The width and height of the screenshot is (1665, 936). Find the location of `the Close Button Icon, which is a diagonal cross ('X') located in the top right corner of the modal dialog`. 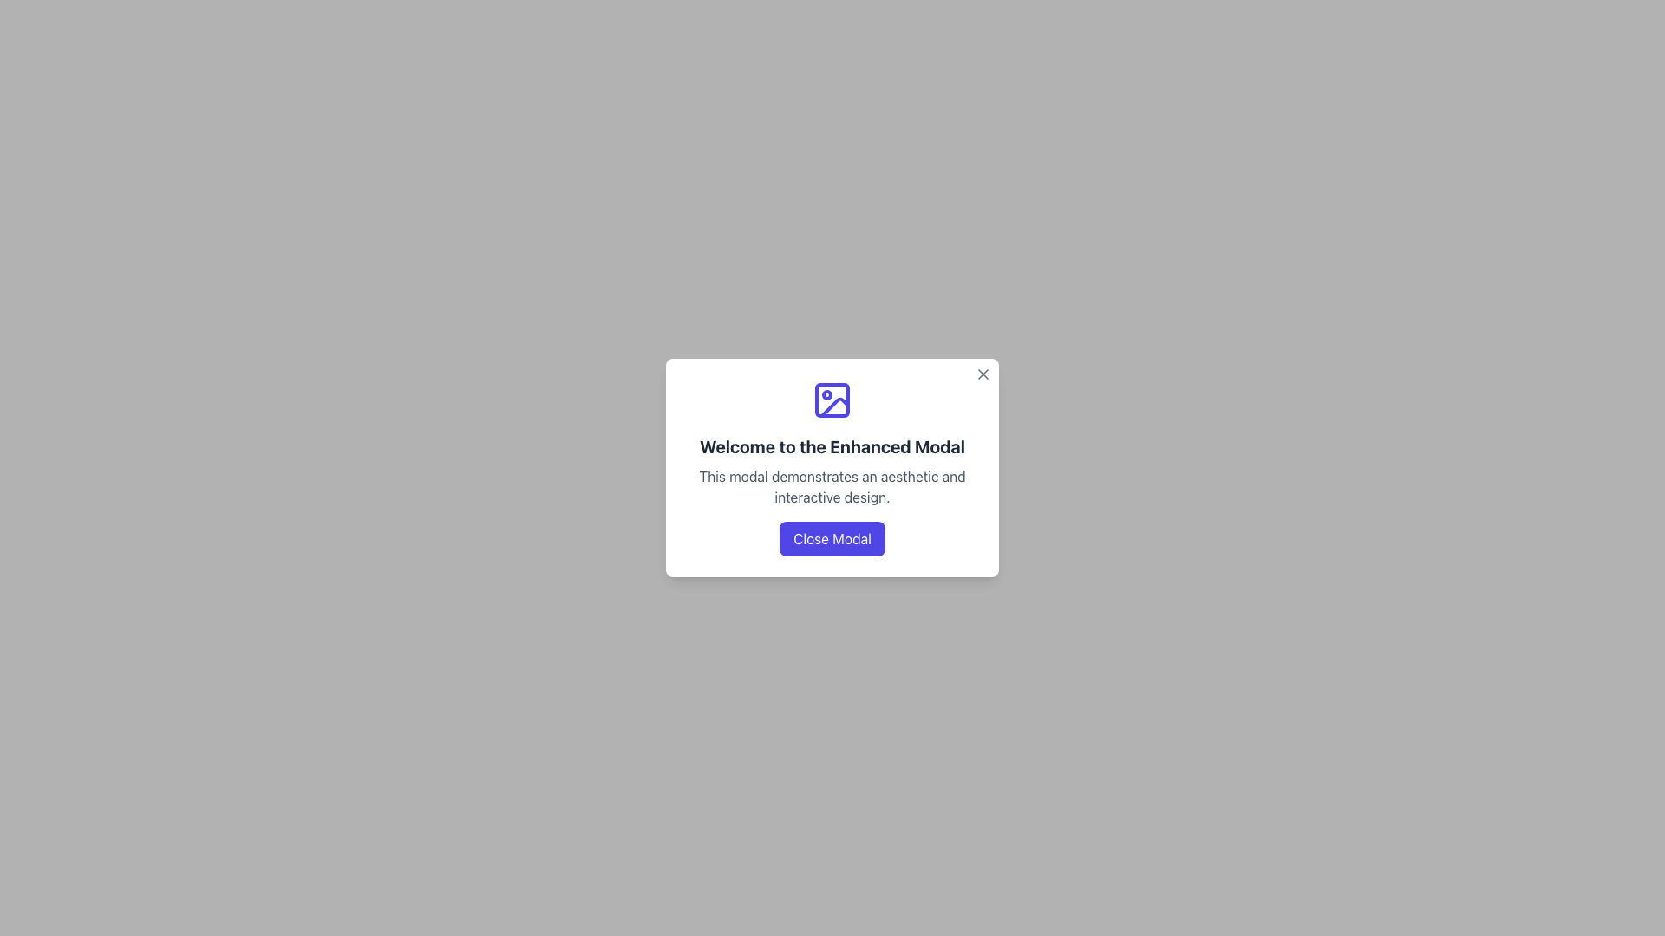

the Close Button Icon, which is a diagonal cross ('X') located in the top right corner of the modal dialog is located at coordinates (983, 374).